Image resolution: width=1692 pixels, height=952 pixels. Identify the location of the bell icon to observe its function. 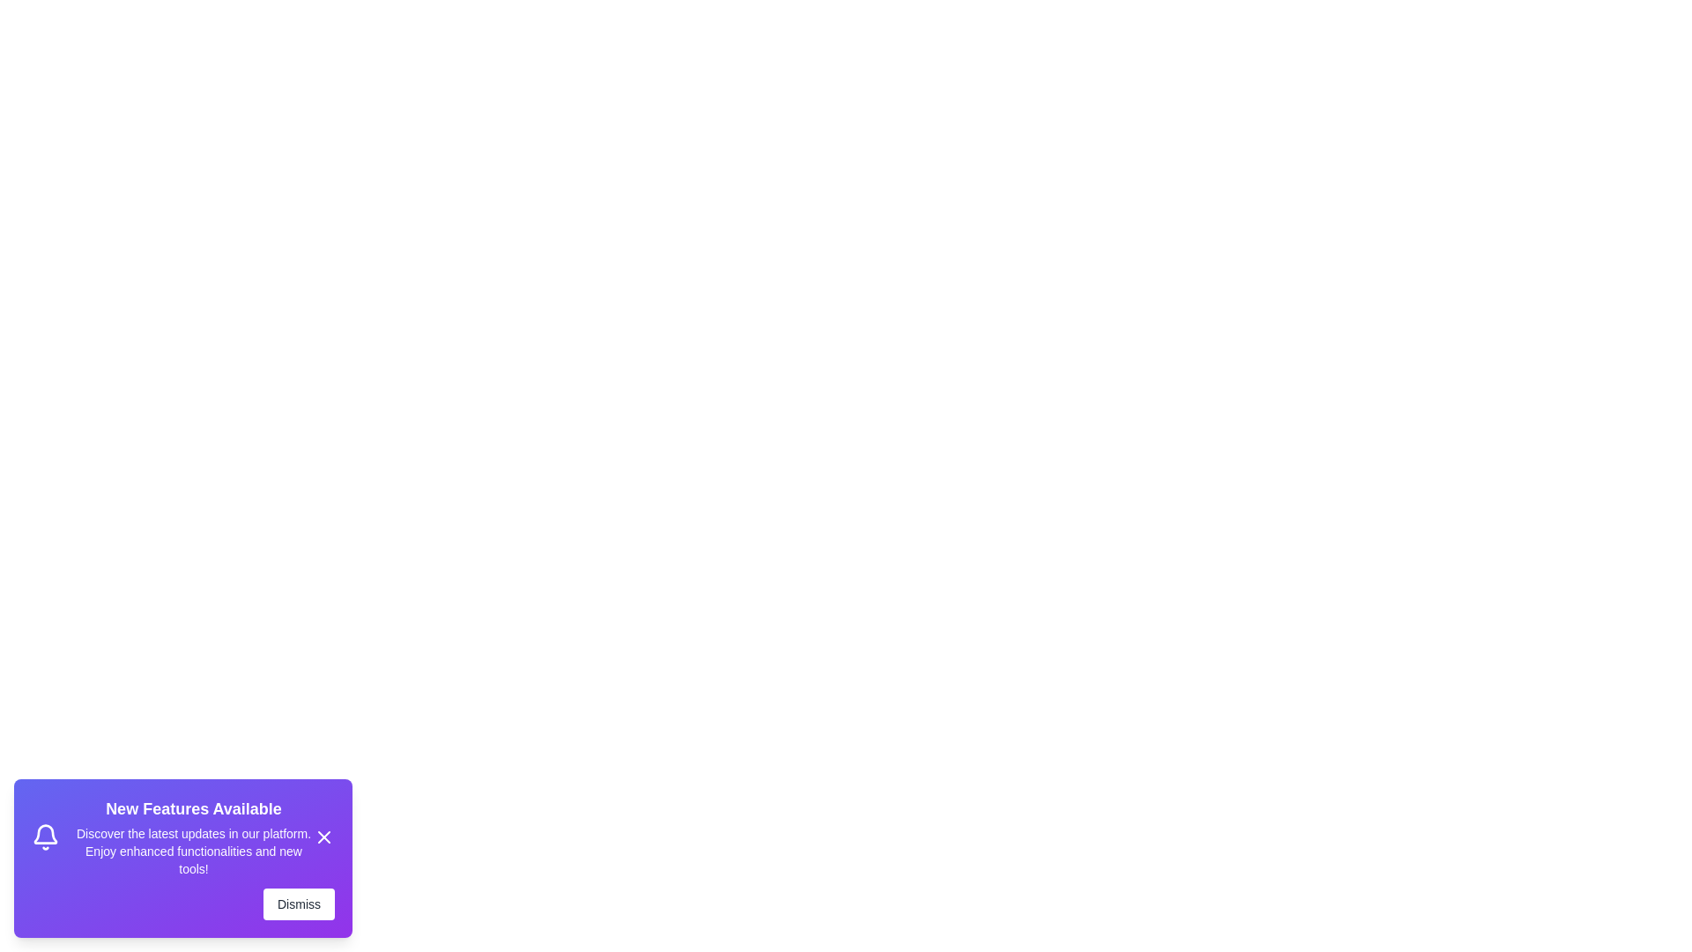
(46, 836).